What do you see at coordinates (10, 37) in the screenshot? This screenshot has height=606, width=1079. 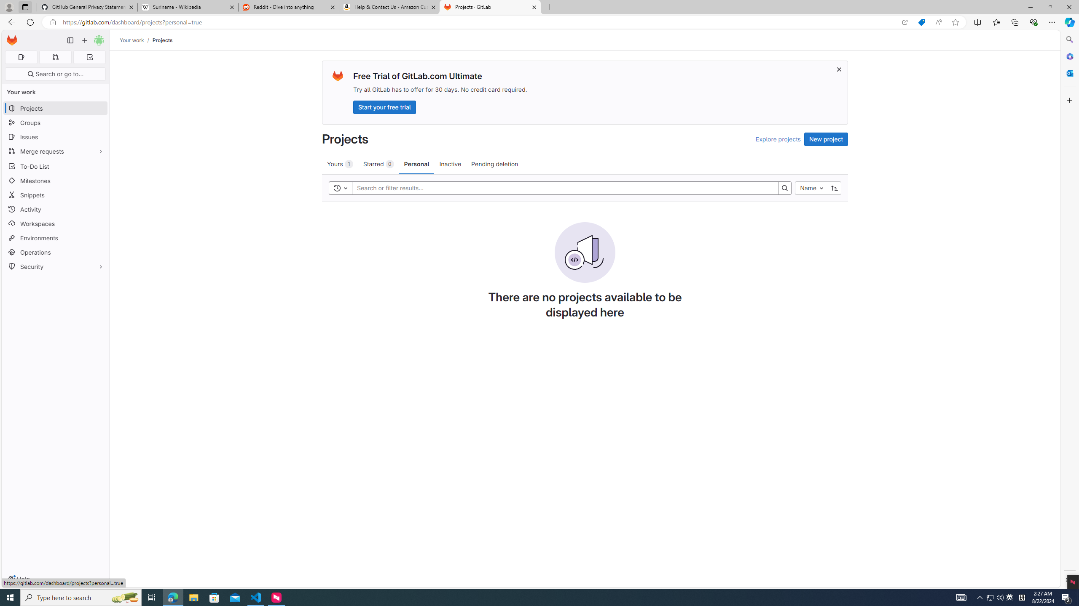 I see `'Skip to main content'` at bounding box center [10, 37].